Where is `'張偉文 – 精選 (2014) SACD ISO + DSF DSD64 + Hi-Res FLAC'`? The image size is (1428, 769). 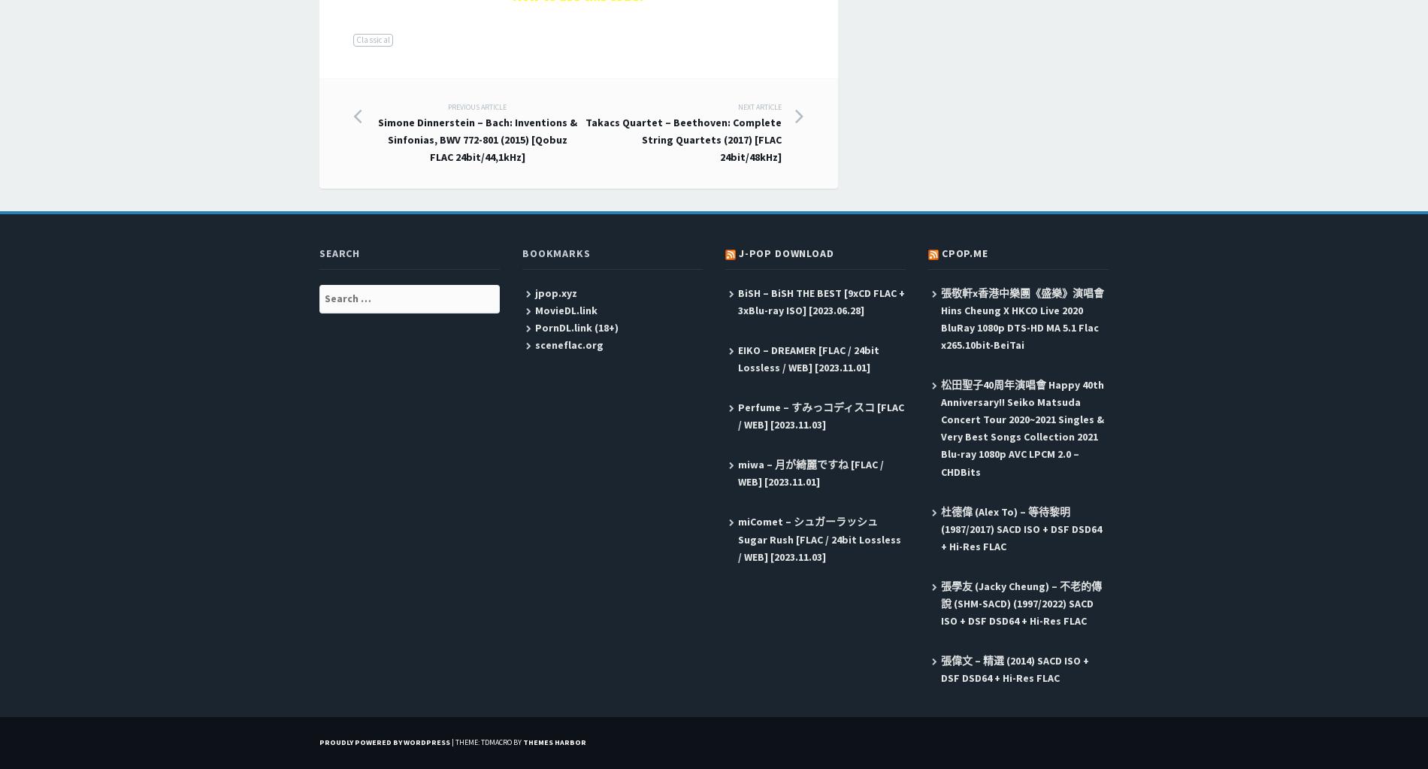 '張偉文 – 精選 (2014) SACD ISO + DSF DSD64 + Hi-Res FLAC' is located at coordinates (1013, 669).